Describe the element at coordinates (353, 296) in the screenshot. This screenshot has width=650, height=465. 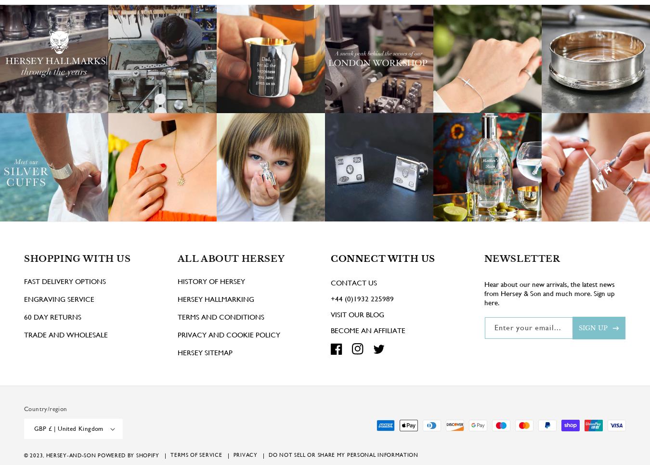
I see `'CONTACT US'` at that location.